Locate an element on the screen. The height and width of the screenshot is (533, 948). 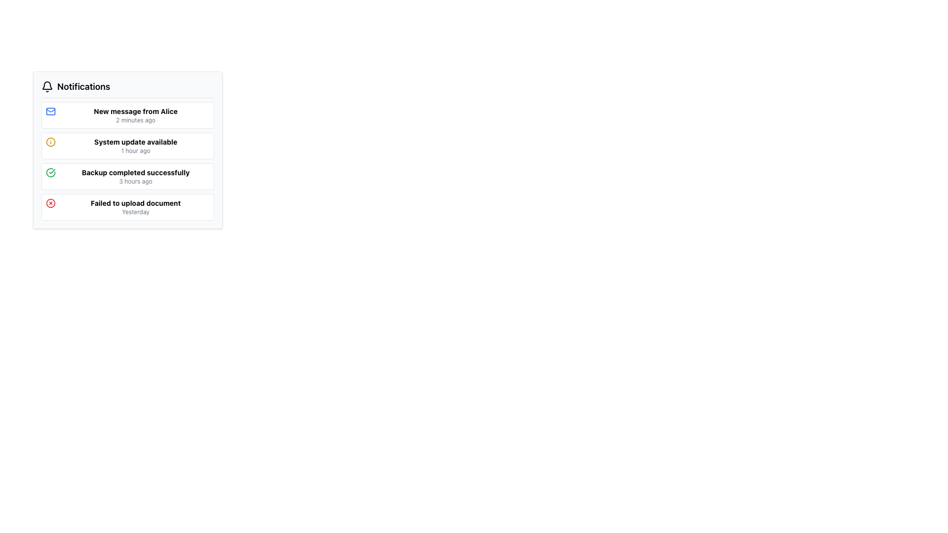
the red circular icon with an 'X' symbol in the fourth notification item under the 'Notifications' section, which indicates a failure to upload a document is located at coordinates (50, 203).